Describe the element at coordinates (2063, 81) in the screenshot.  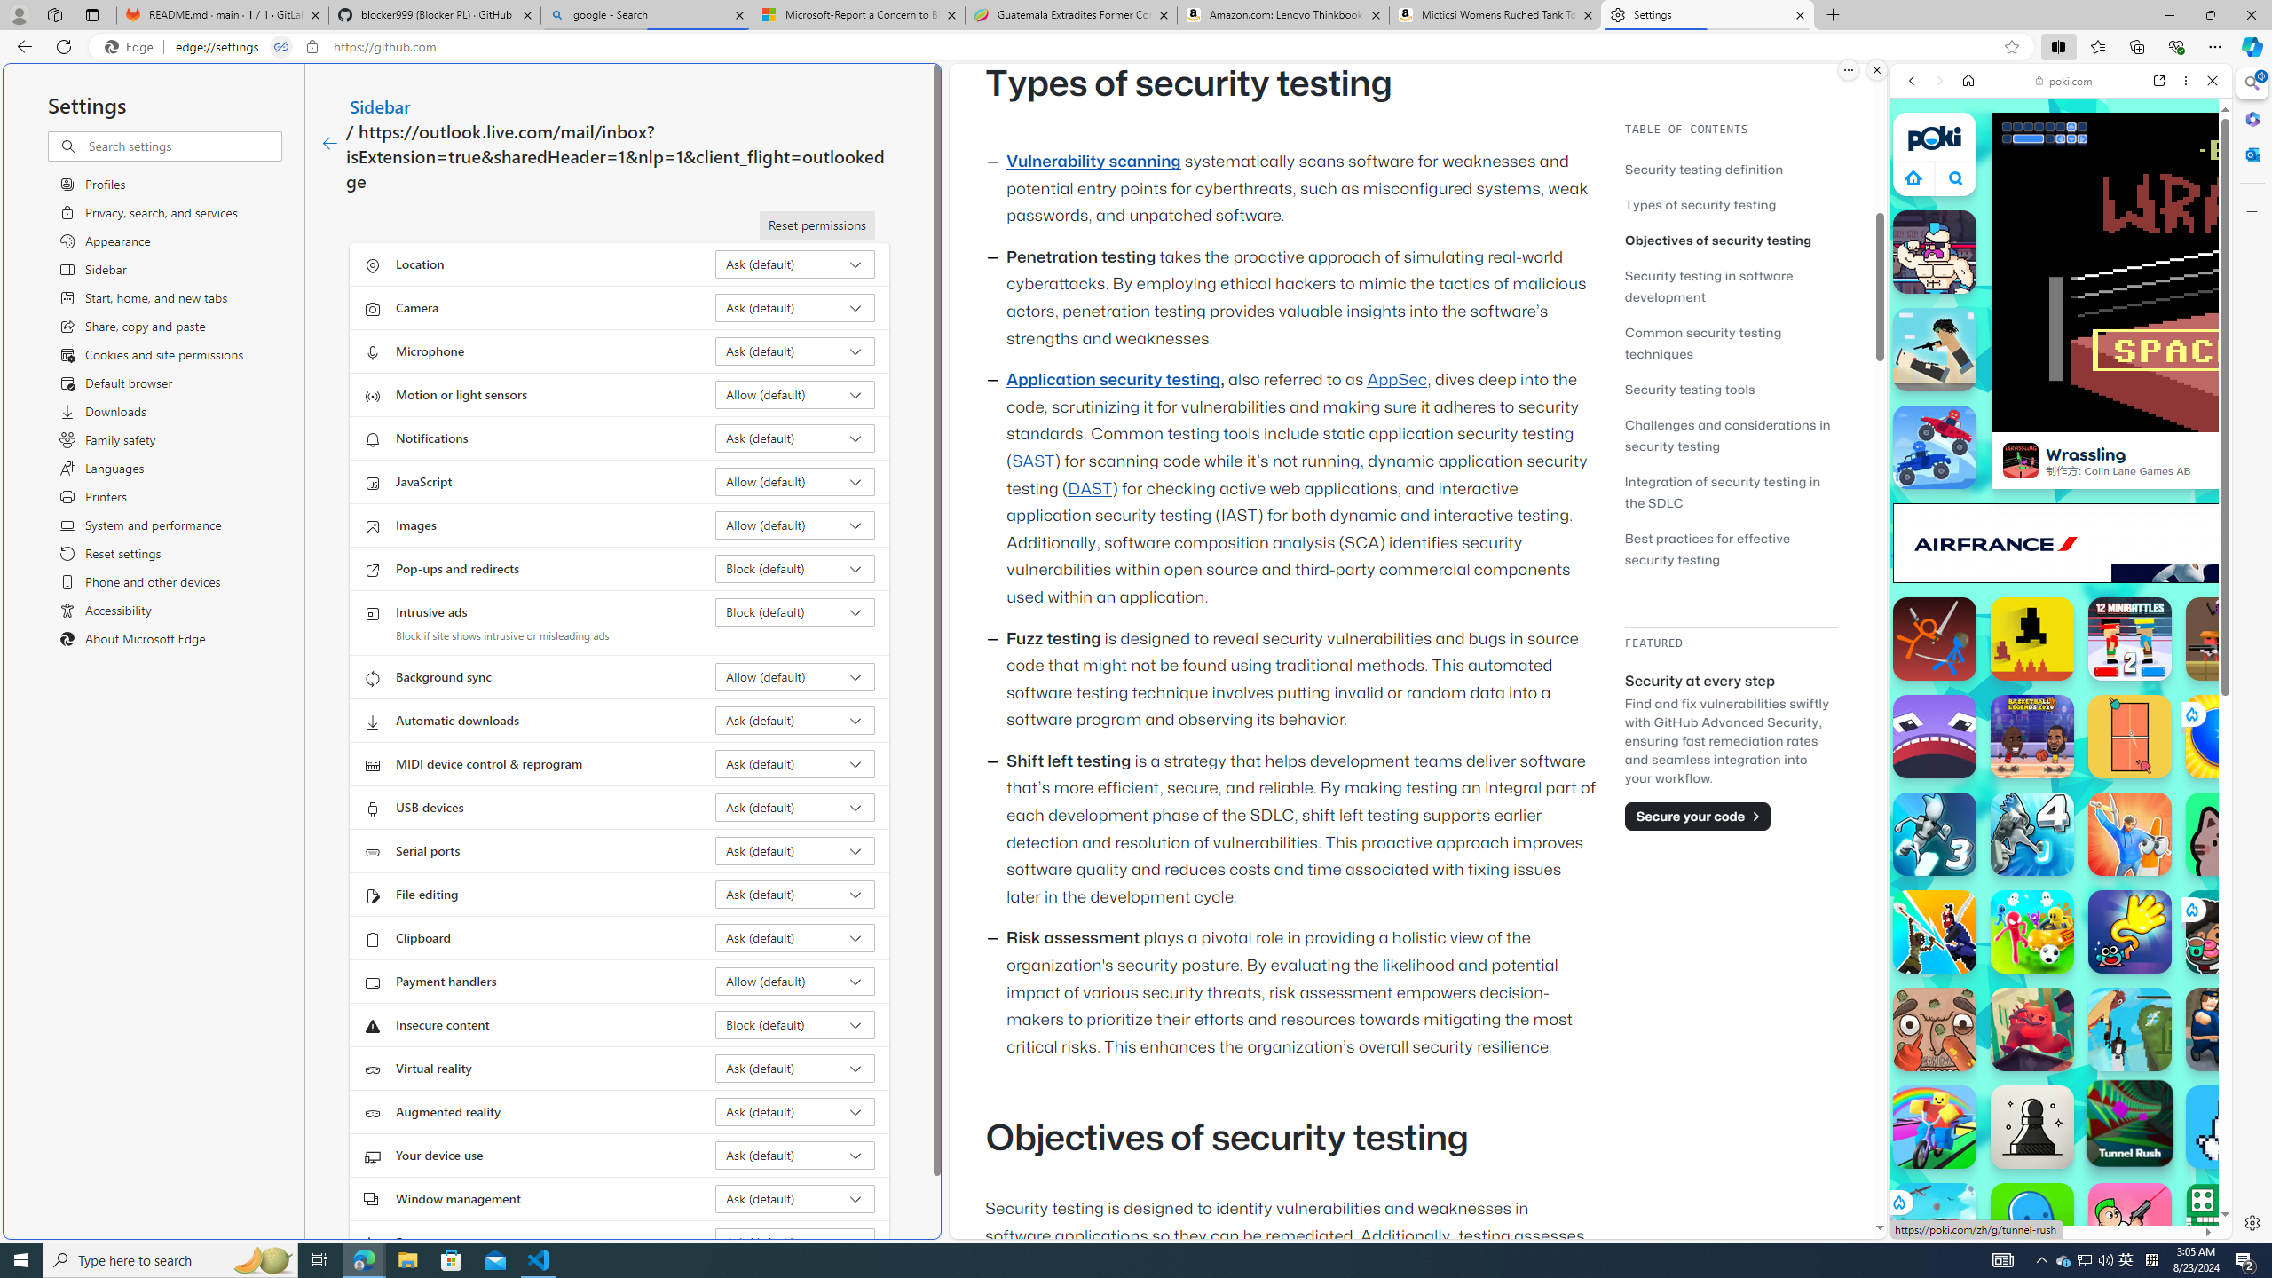
I see `'poki.com'` at that location.